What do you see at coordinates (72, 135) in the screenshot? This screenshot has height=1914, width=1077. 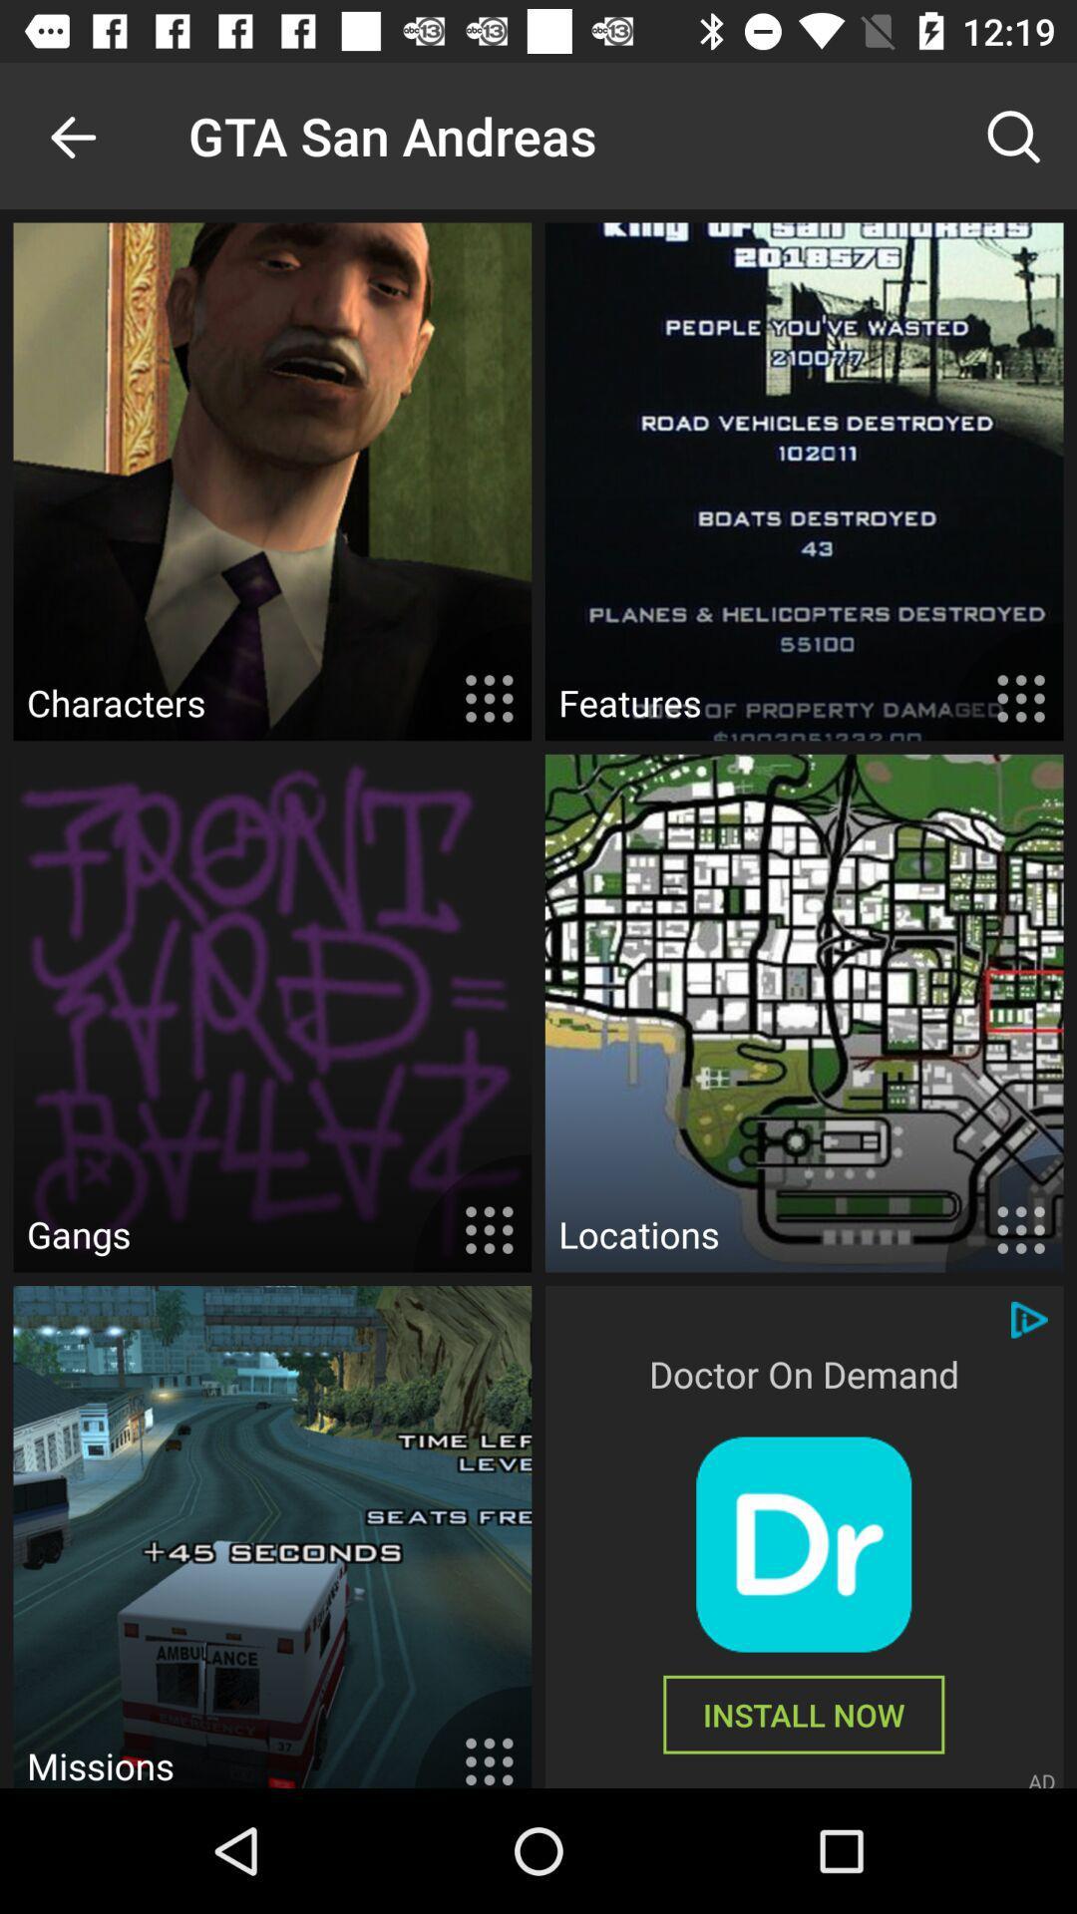 I see `previous` at bounding box center [72, 135].